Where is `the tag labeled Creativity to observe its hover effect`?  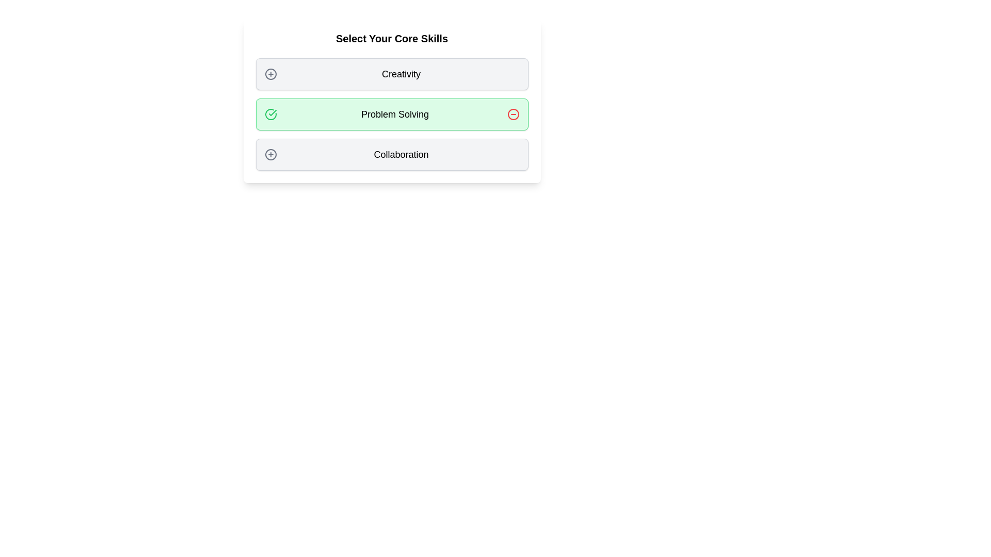 the tag labeled Creativity to observe its hover effect is located at coordinates (391, 73).